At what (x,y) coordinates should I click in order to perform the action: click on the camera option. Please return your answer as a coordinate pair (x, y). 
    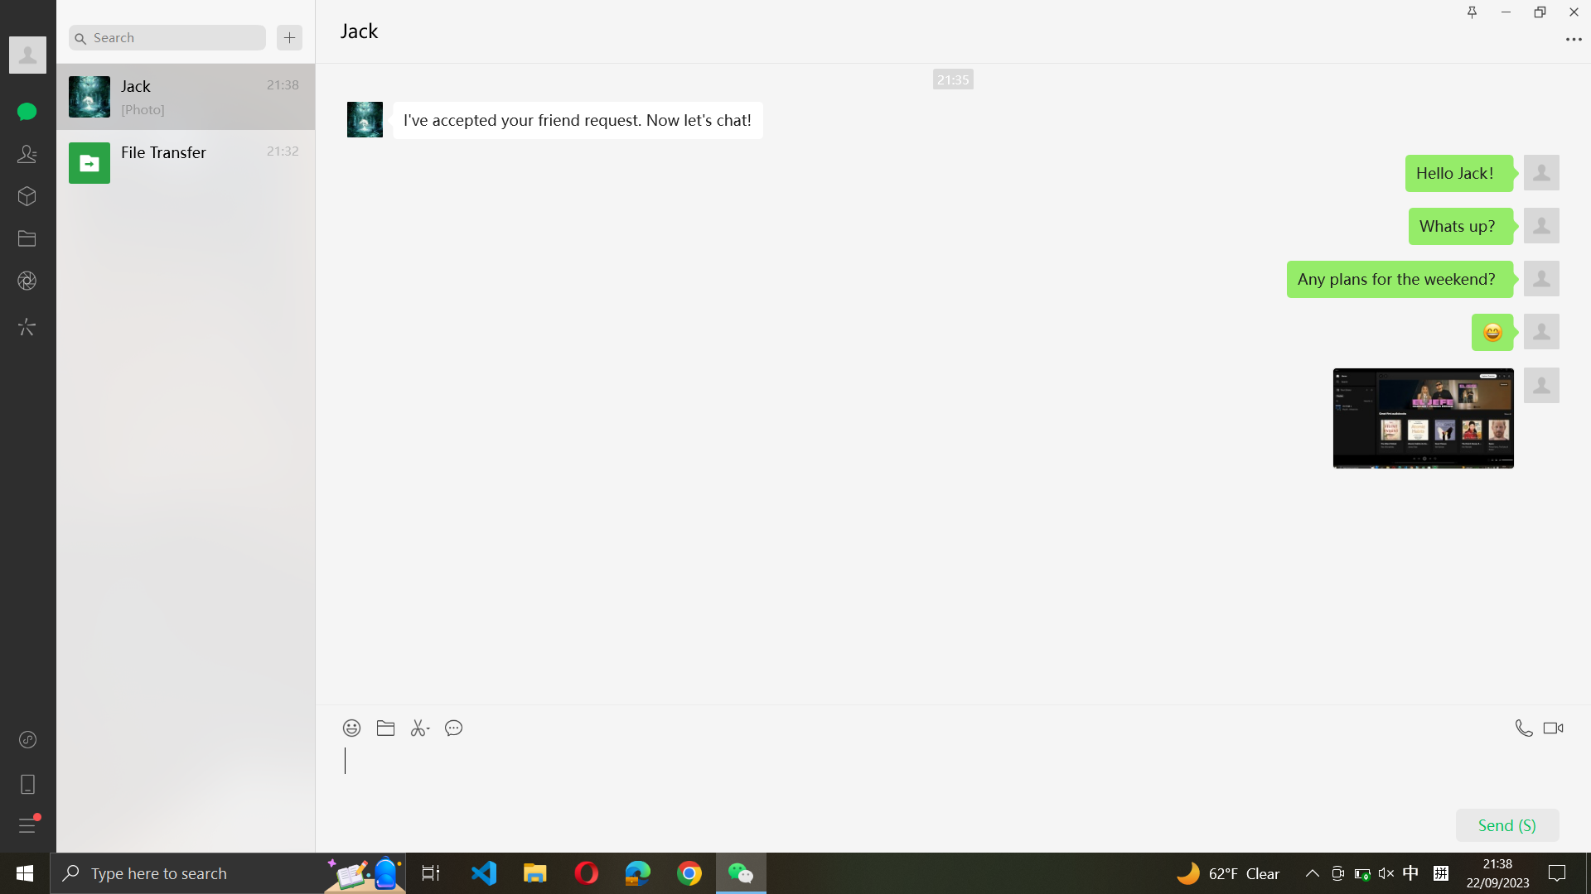
    Looking at the image, I should click on (28, 281).